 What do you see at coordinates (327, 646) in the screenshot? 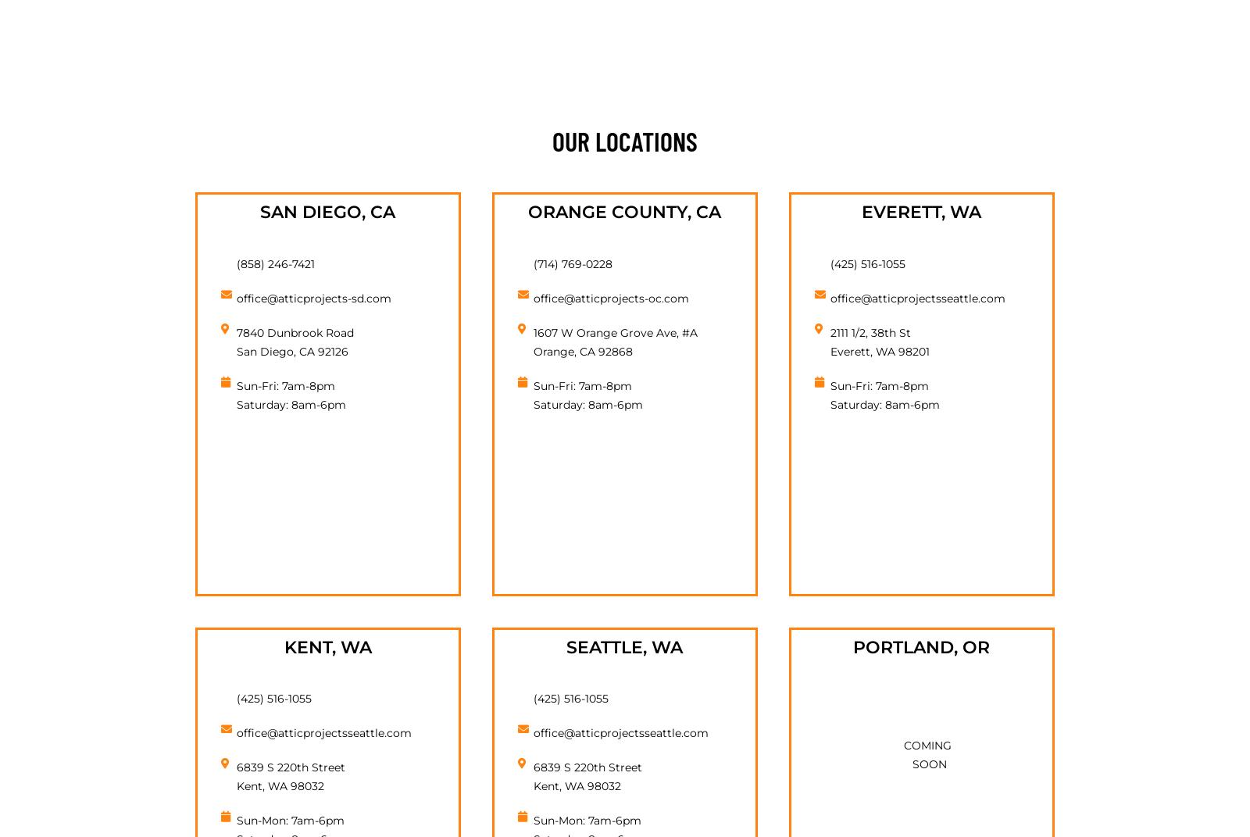
I see `'Kent, WA'` at bounding box center [327, 646].